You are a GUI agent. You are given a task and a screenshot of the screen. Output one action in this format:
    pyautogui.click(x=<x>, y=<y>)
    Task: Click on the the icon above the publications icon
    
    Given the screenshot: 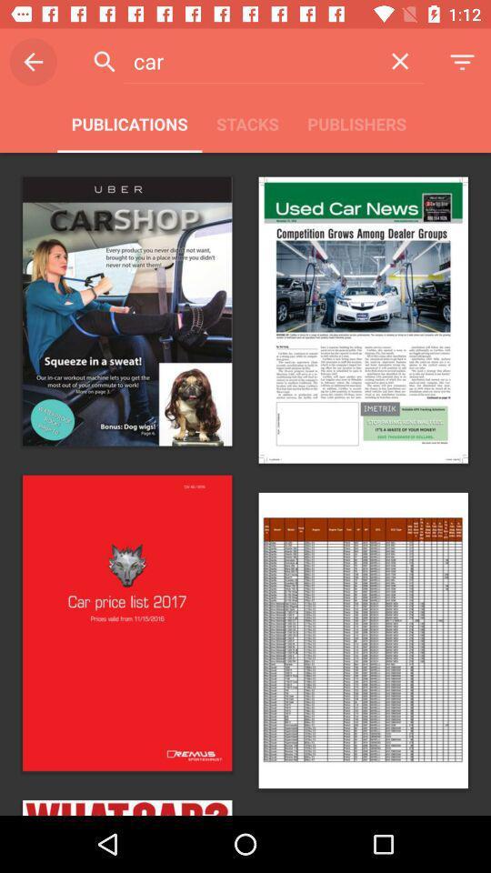 What is the action you would take?
    pyautogui.click(x=33, y=62)
    